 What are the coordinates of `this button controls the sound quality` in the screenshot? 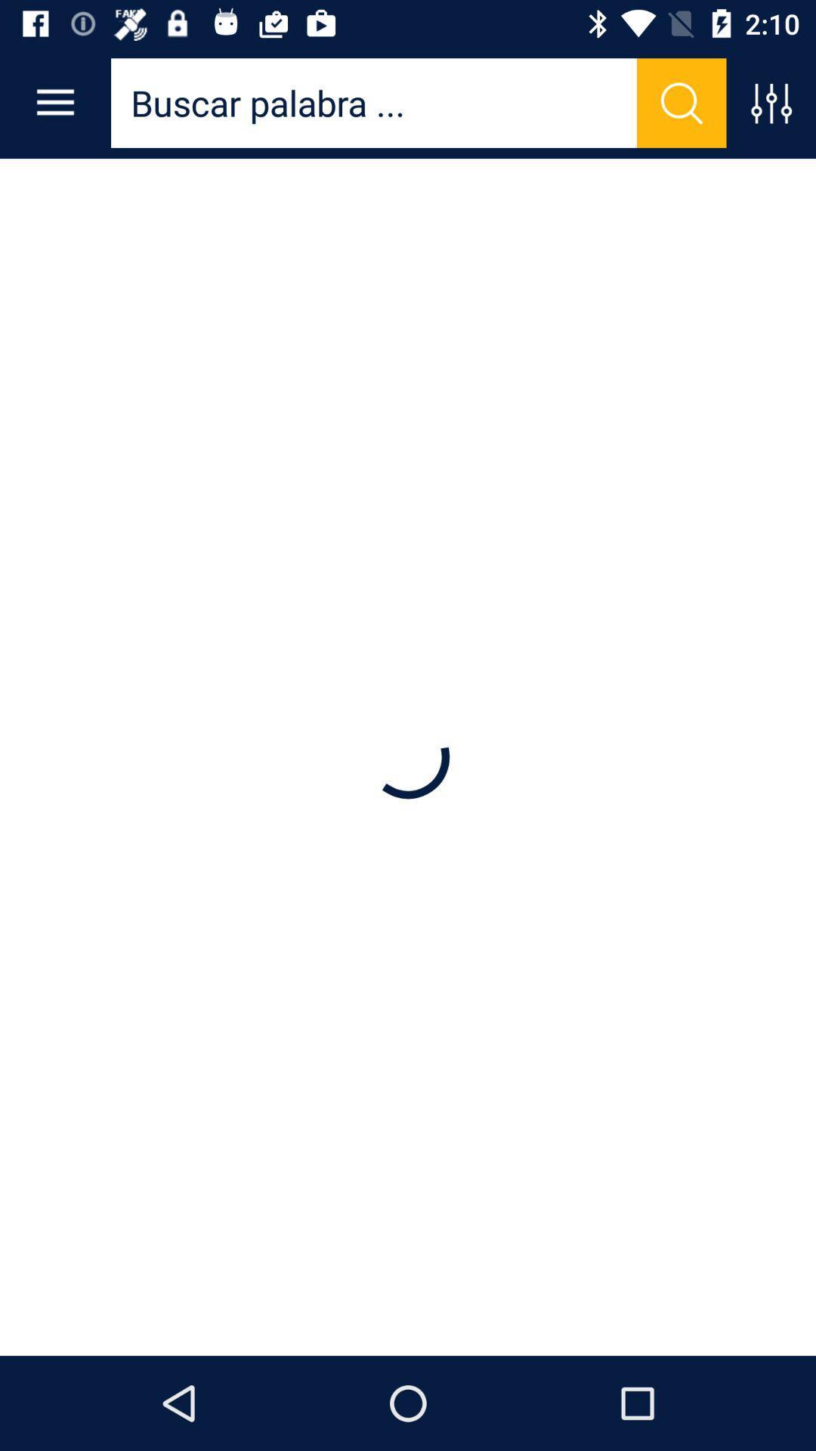 It's located at (771, 102).